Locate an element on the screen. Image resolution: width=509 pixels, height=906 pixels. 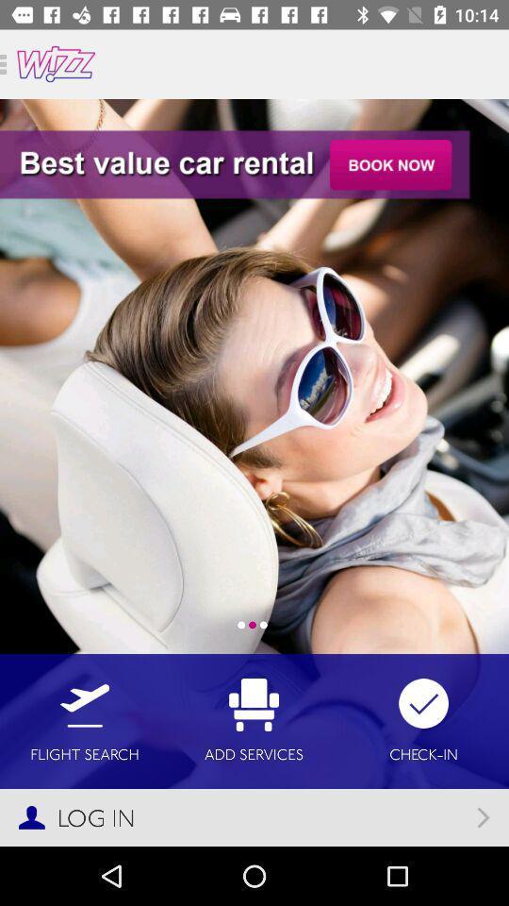
icon to the right of the add services item is located at coordinates (423, 720).